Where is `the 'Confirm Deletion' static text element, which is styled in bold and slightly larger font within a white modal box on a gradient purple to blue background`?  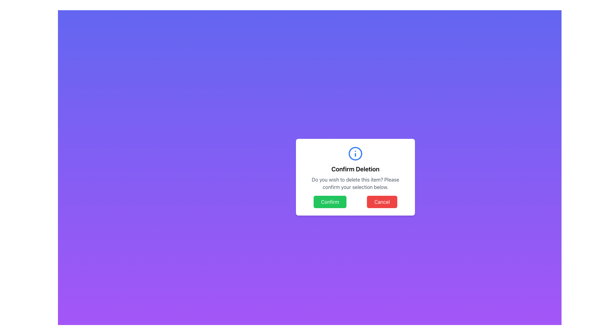 the 'Confirm Deletion' static text element, which is styled in bold and slightly larger font within a white modal box on a gradient purple to blue background is located at coordinates (355, 169).